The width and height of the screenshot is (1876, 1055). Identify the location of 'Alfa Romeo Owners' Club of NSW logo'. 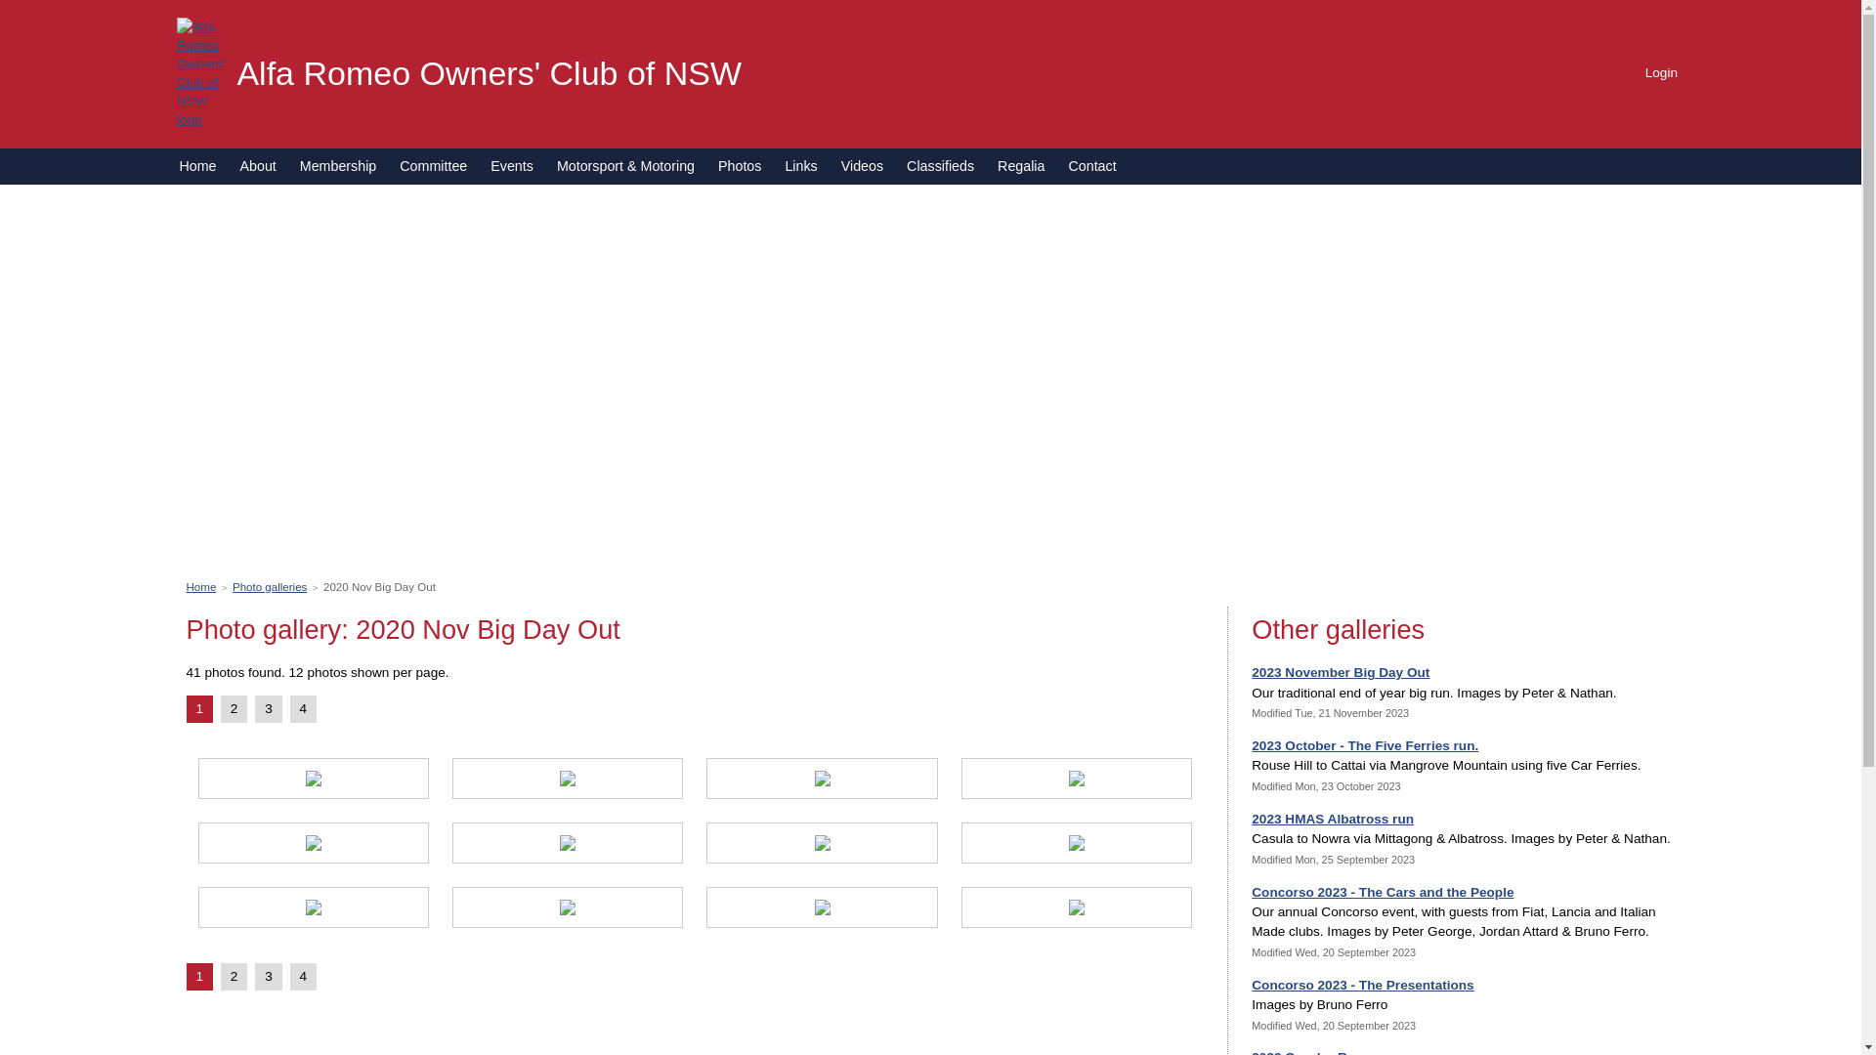
(200, 71).